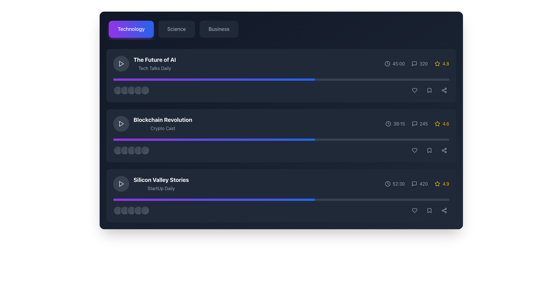 The width and height of the screenshot is (545, 306). What do you see at coordinates (131, 90) in the screenshot?
I see `the circular user avatar with a gradient background, which is the third item in a group of five under the 'The Future of AI' section` at bounding box center [131, 90].